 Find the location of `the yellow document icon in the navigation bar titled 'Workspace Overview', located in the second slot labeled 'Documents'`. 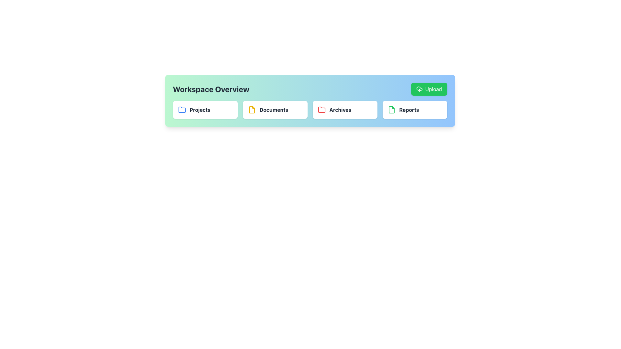

the yellow document icon in the navigation bar titled 'Workspace Overview', located in the second slot labeled 'Documents' is located at coordinates (251, 109).